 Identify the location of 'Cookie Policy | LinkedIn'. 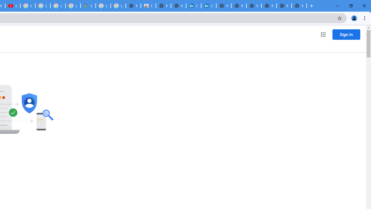
(194, 6).